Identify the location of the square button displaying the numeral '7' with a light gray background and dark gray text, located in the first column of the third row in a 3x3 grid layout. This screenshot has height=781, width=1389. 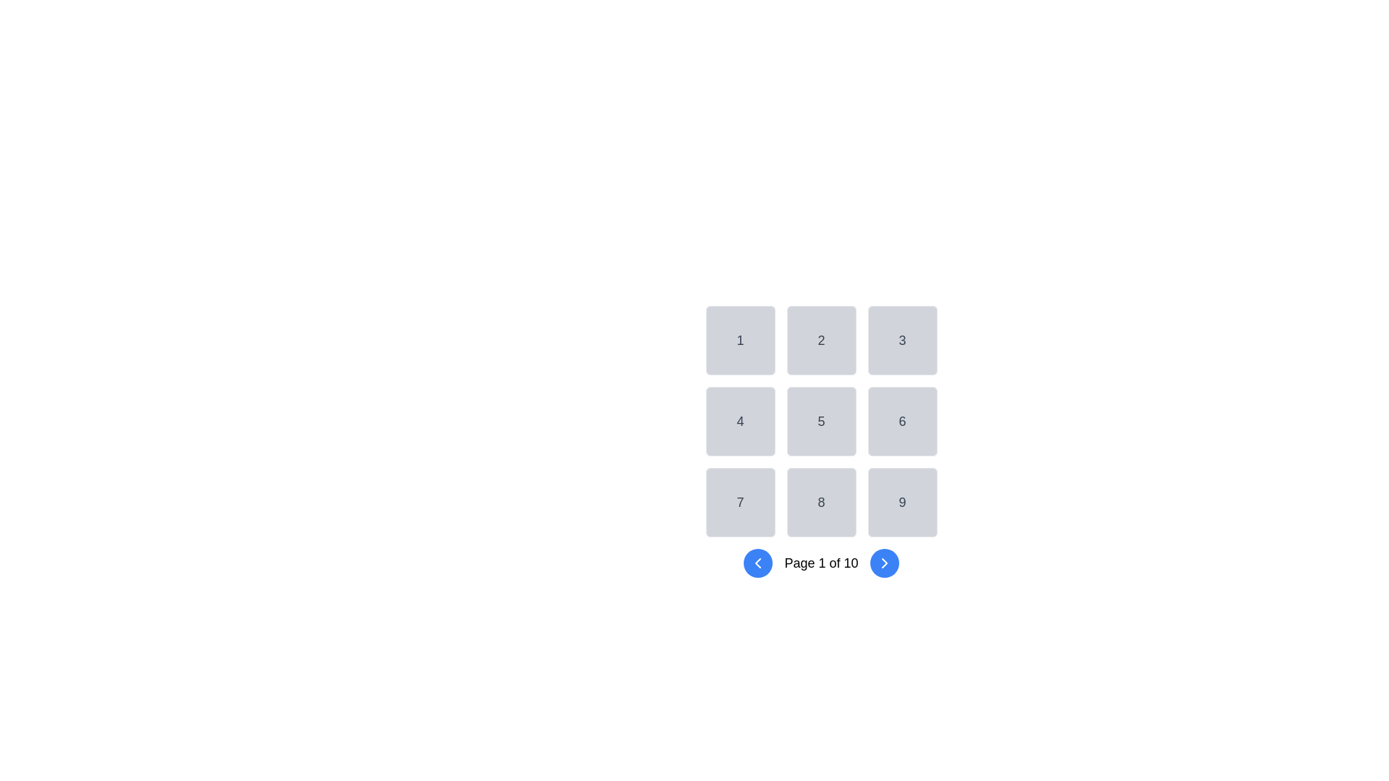
(740, 501).